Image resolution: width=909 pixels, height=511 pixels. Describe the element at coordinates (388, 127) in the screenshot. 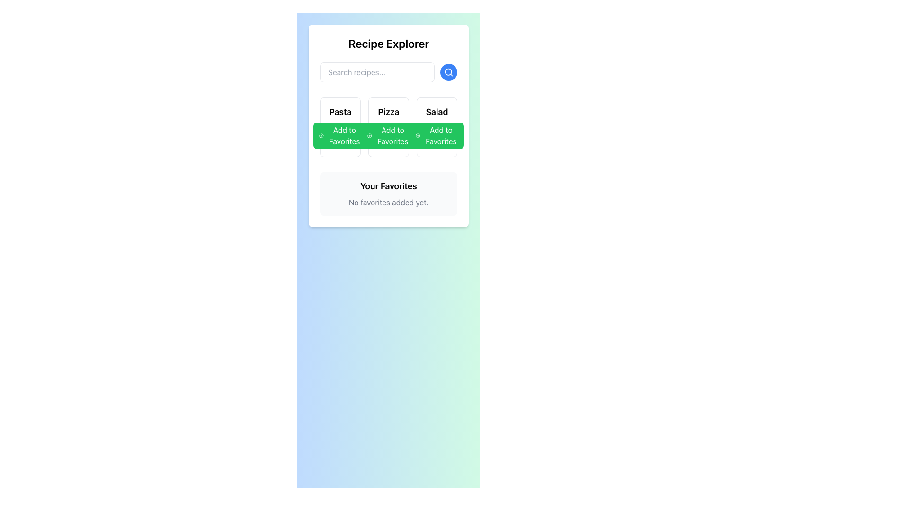

I see `the item details for the 'Pizza' card, which features a bold title at the top and a green 'Add to Favorites' button below` at that location.